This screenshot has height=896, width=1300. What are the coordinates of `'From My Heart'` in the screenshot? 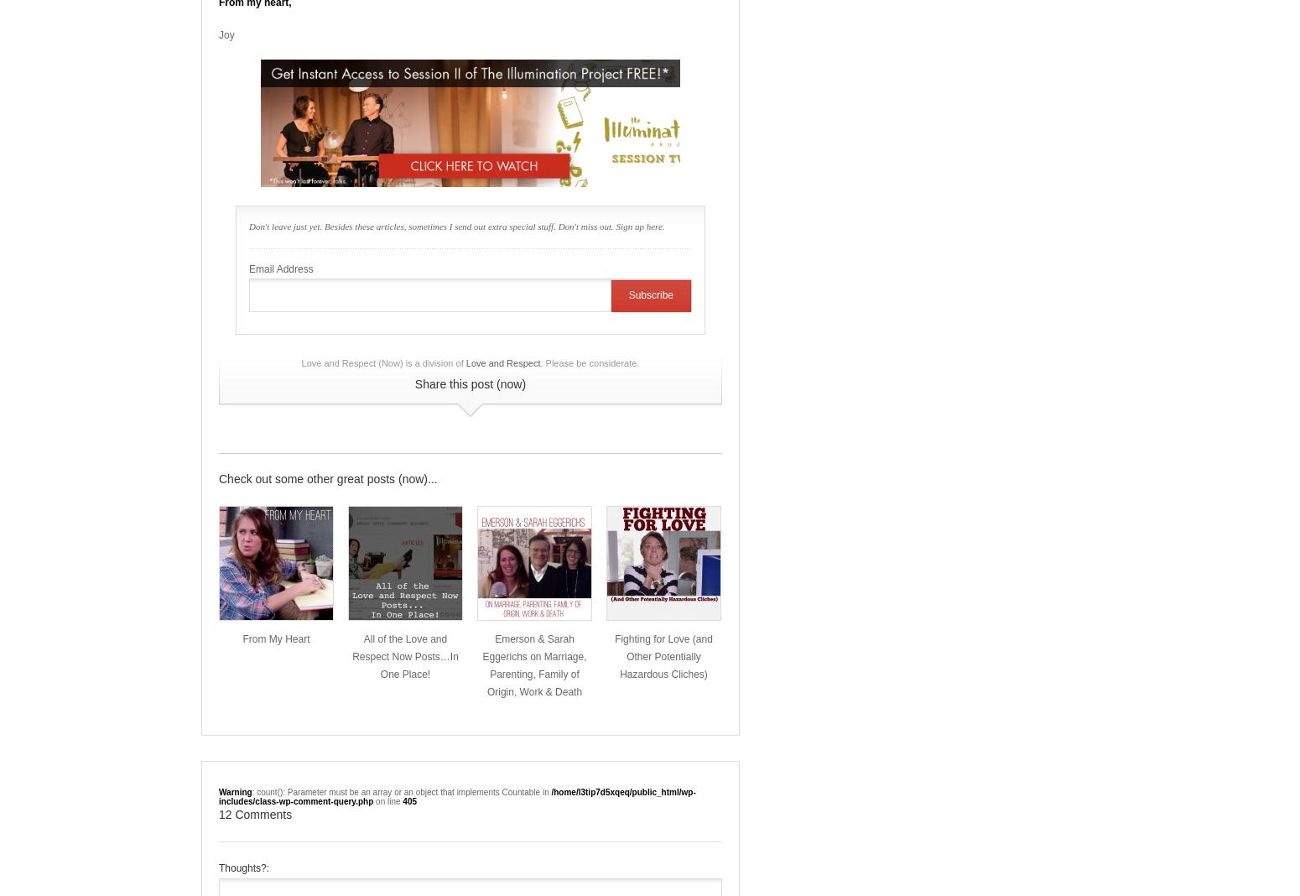 It's located at (275, 639).